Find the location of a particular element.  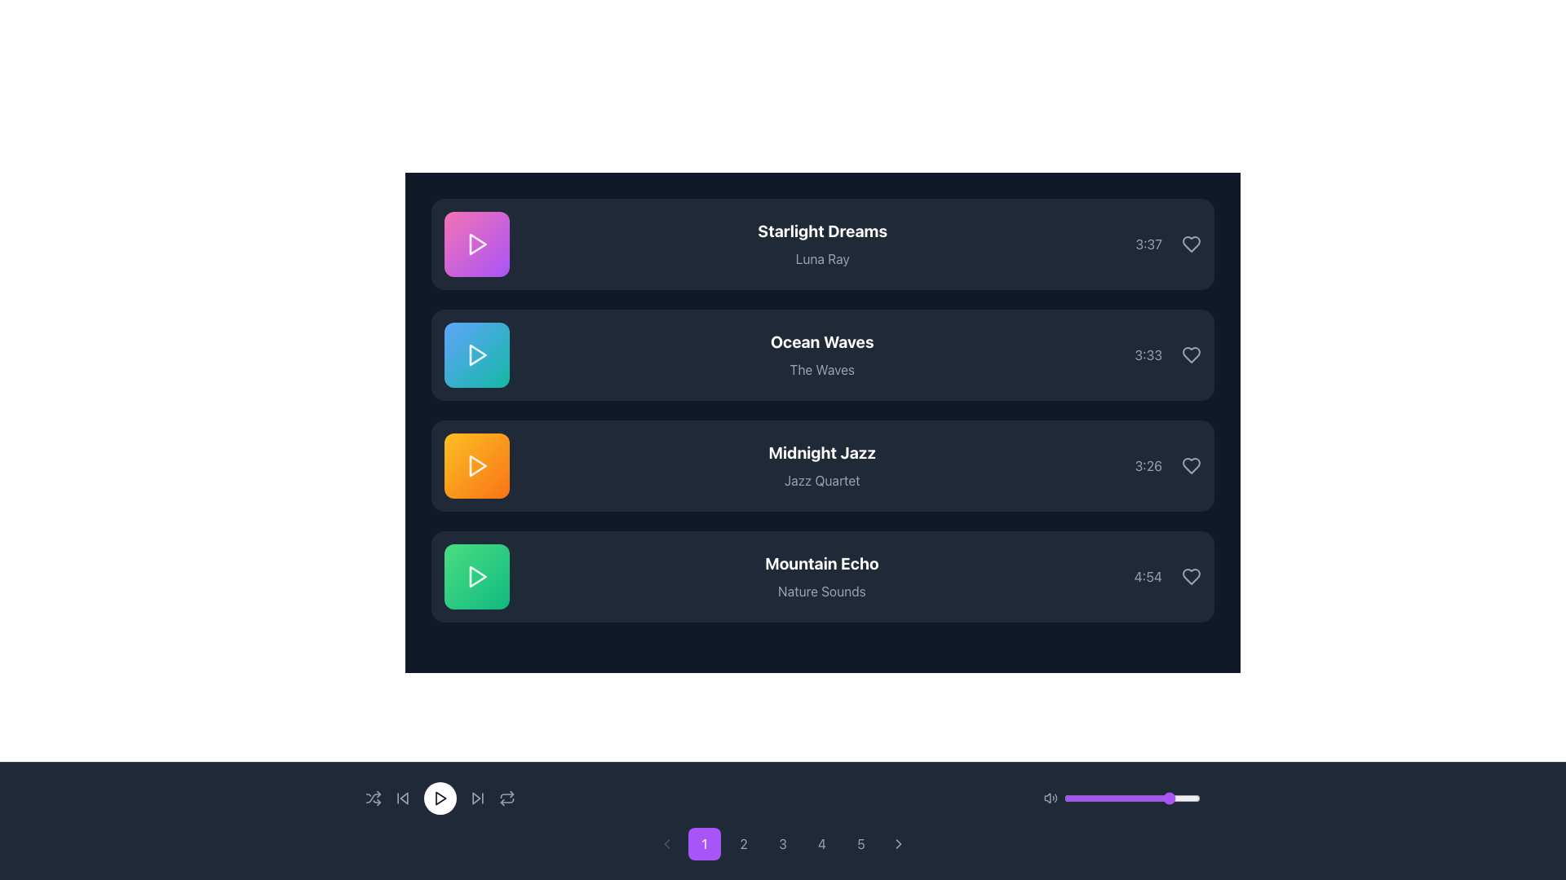

the play button located to the left of the 'Ocean Waves' text in the second row of the media list is located at coordinates (476, 354).